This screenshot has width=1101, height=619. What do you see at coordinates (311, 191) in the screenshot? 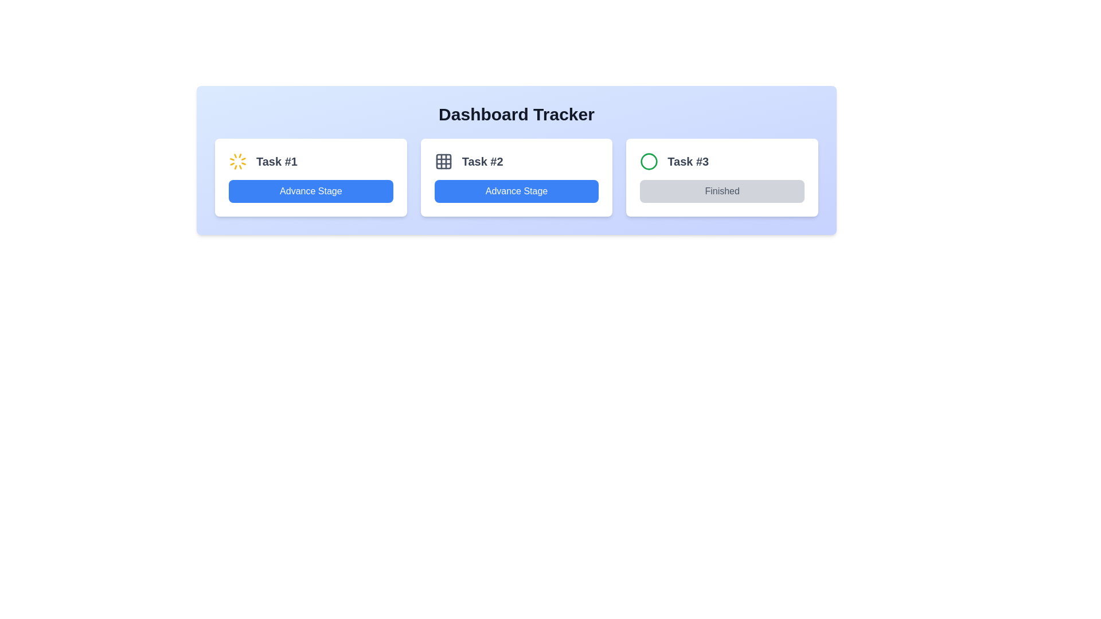
I see `the button located at the bottom of the card labeled 'Task #1' to change its shade` at bounding box center [311, 191].